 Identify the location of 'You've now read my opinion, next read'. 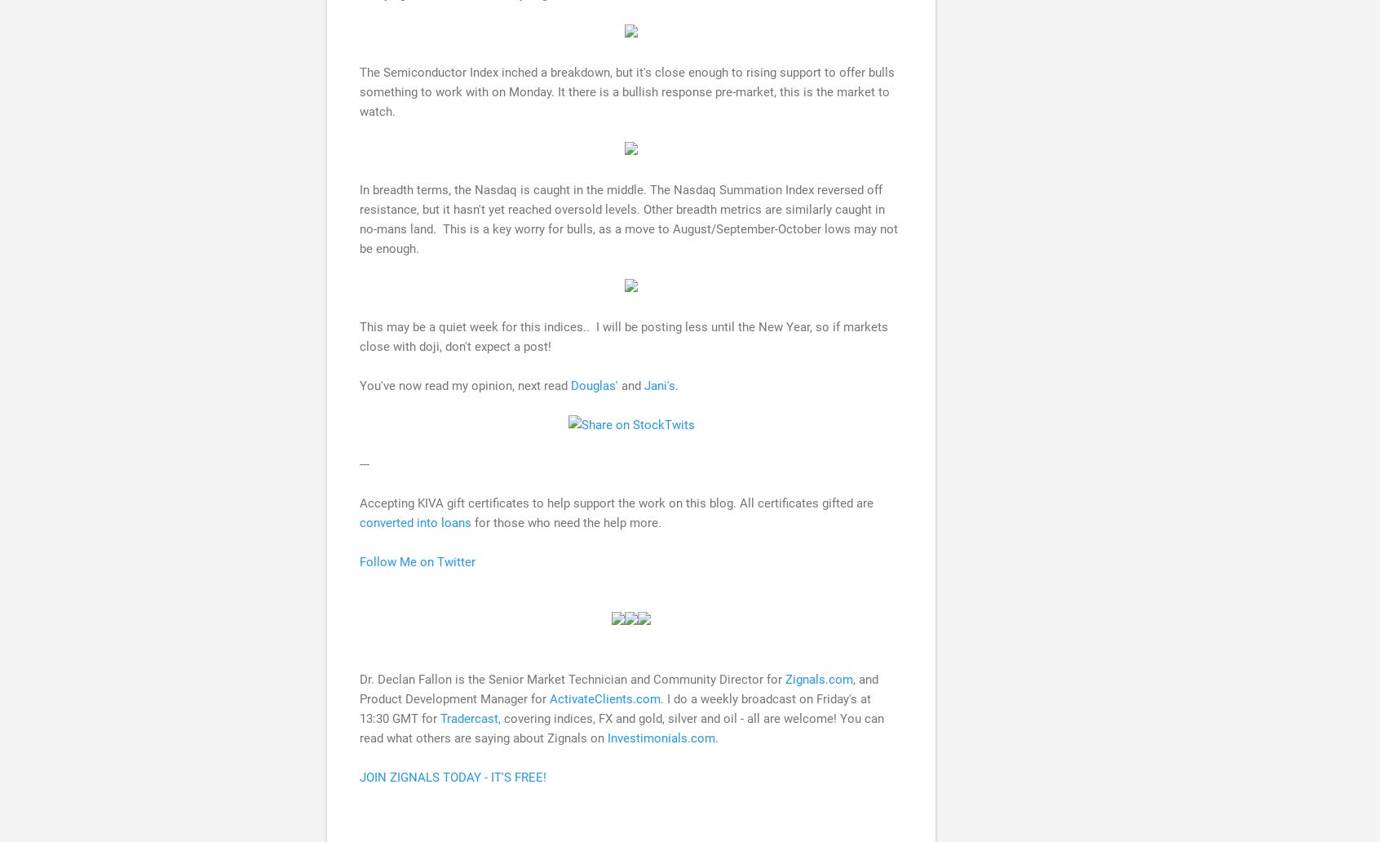
(464, 384).